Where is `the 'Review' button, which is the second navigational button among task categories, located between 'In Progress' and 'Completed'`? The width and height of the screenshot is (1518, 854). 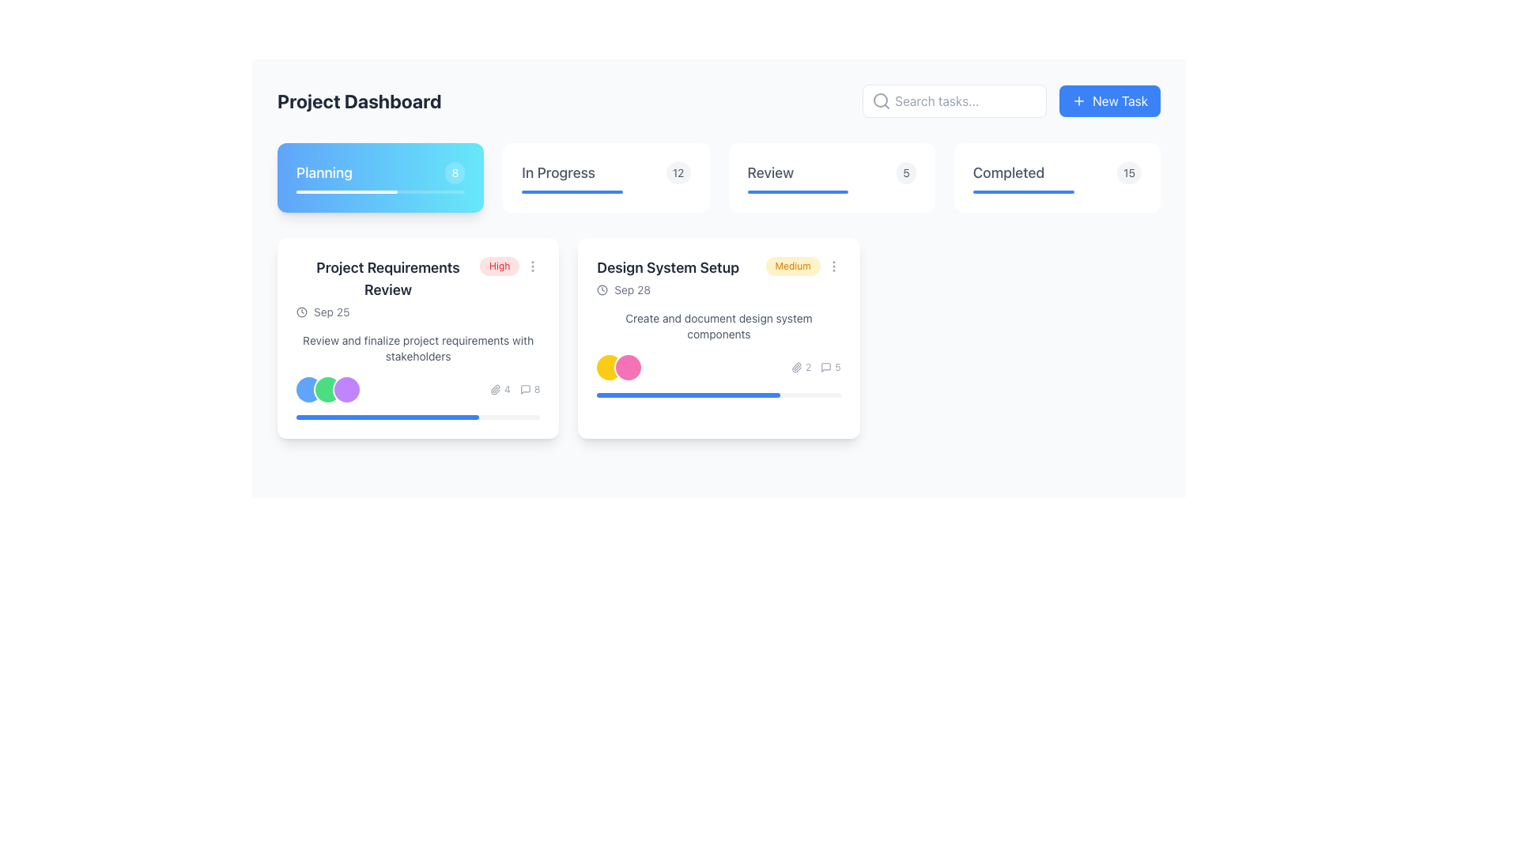
the 'Review' button, which is the second navigational button among task categories, located between 'In Progress' and 'Completed' is located at coordinates (831, 173).